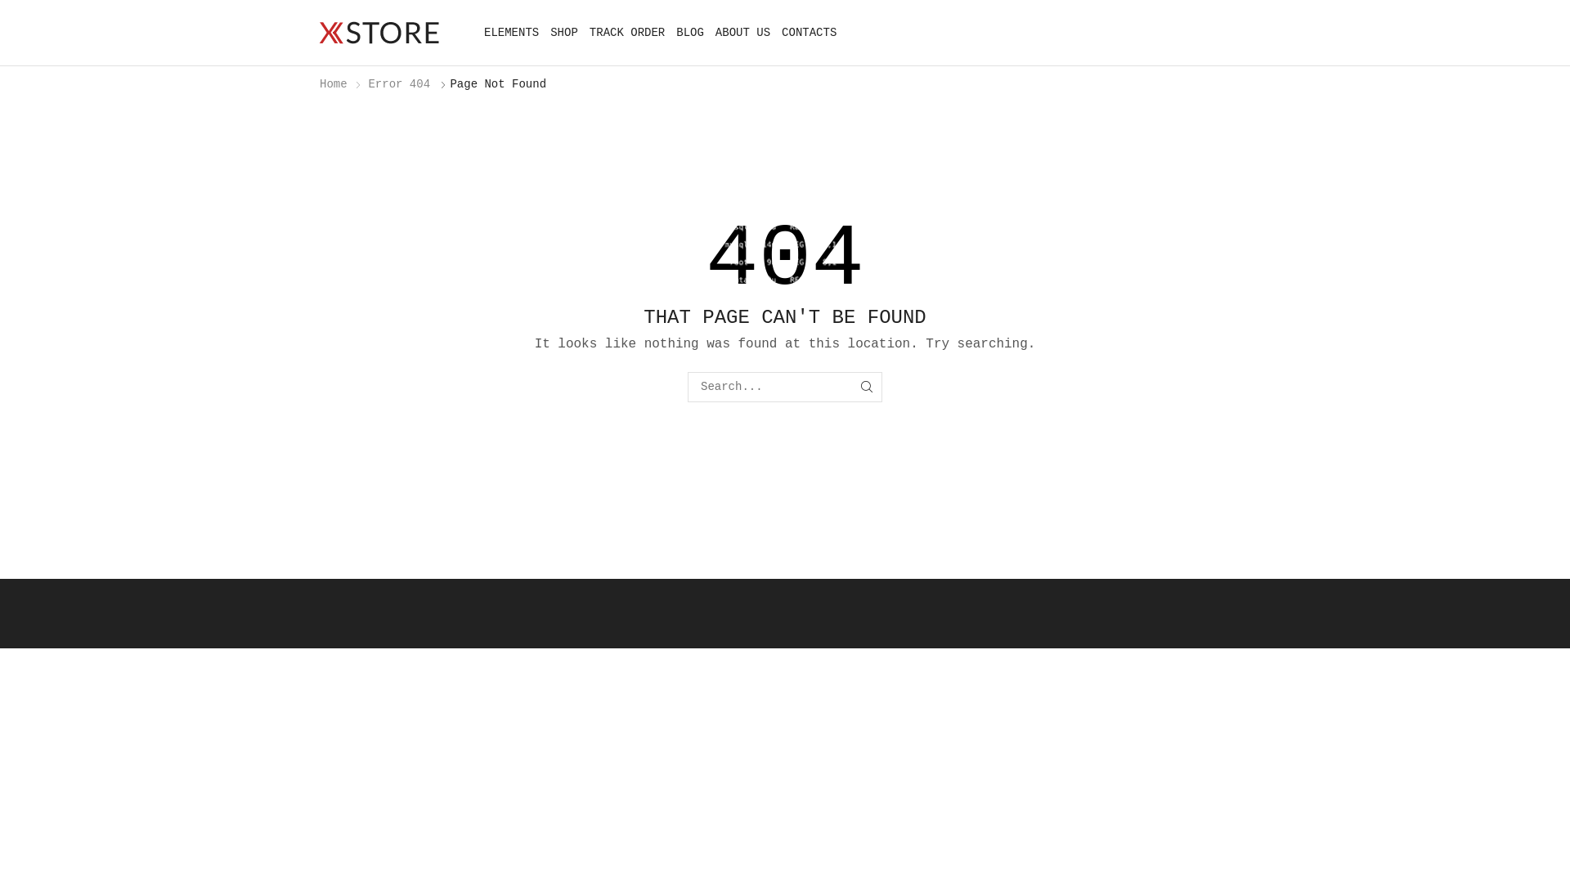  What do you see at coordinates (510, 32) in the screenshot?
I see `'ELEMENTS'` at bounding box center [510, 32].